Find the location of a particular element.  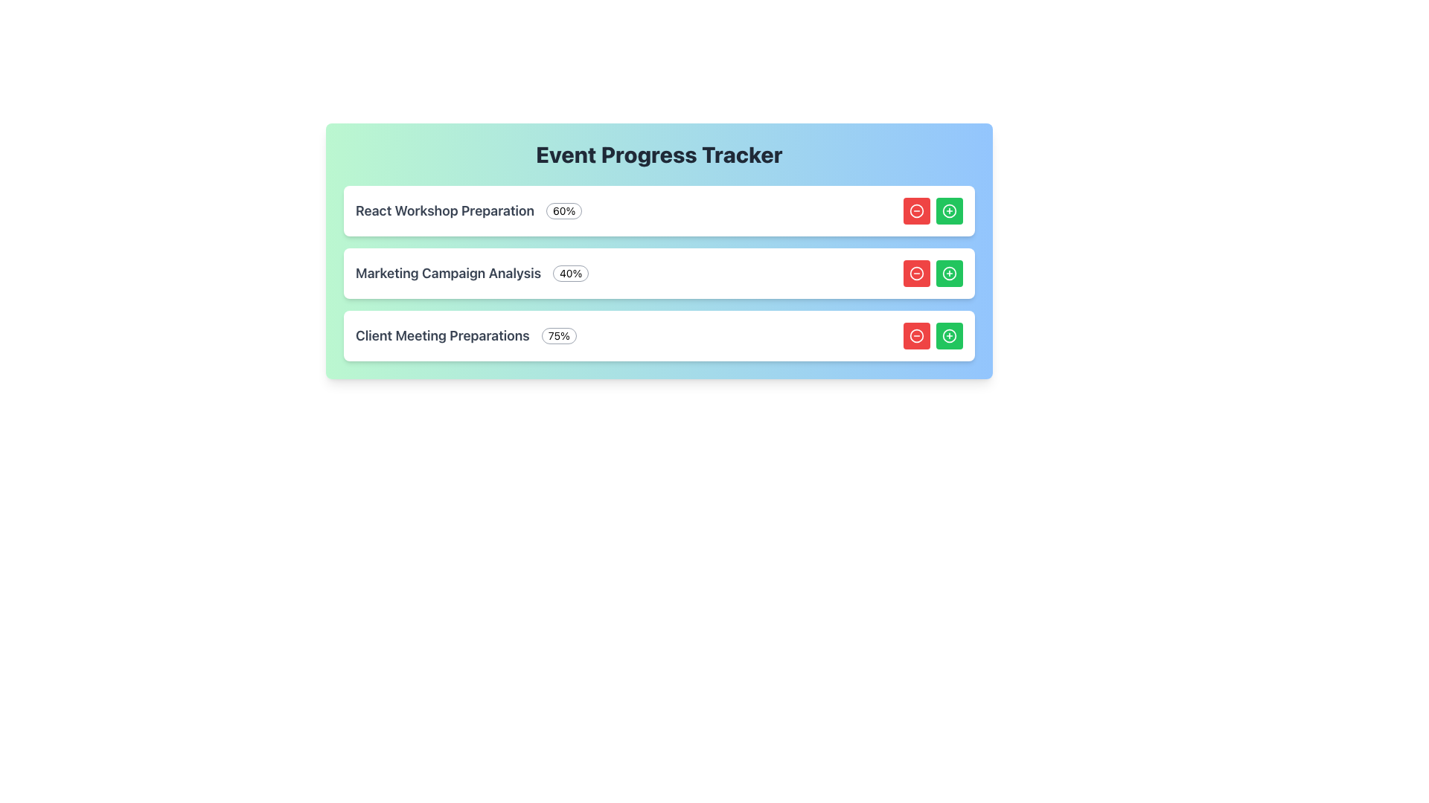

the rightmost icon button in the action buttons group for the 'Client Meeting Preparations' task is located at coordinates (949, 335).